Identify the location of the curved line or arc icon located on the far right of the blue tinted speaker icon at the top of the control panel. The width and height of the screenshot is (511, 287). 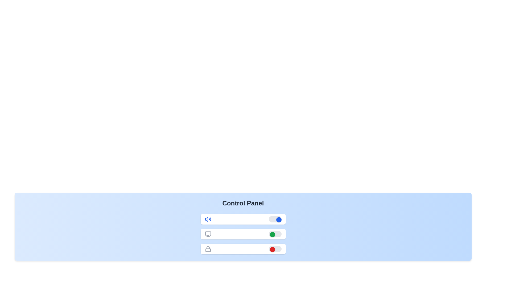
(210, 219).